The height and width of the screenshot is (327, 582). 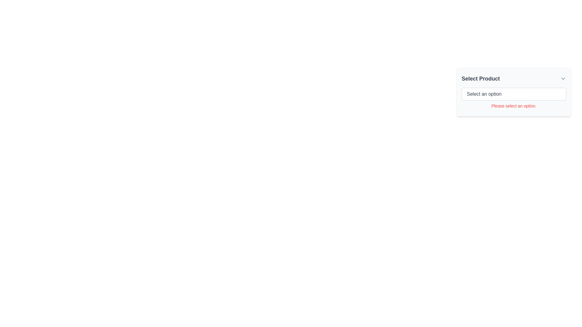 What do you see at coordinates (480, 78) in the screenshot?
I see `the header text element displaying 'Select Product', which is a bold dark gray label located at the top-left corner of a card-like section` at bounding box center [480, 78].